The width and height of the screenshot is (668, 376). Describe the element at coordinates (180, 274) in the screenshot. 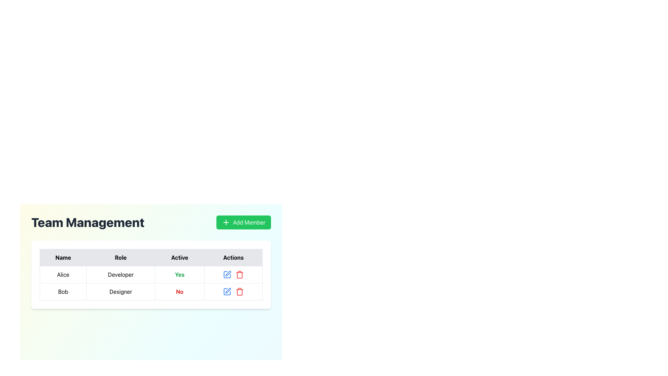

I see `the 'Yes' text label within the 'Active' column of the 'Team Management' table, which is styled in bold green font and is located in the third column of the second row` at that location.